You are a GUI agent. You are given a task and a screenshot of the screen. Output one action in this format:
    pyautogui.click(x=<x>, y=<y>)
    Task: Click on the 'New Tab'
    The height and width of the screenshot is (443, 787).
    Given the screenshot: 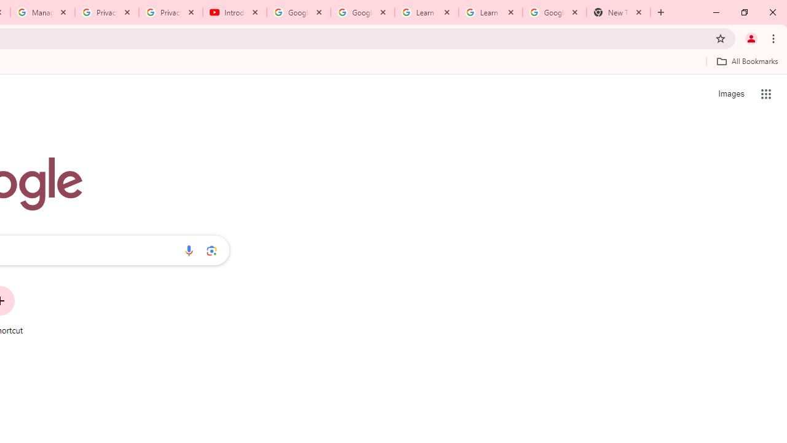 What is the action you would take?
    pyautogui.click(x=619, y=12)
    